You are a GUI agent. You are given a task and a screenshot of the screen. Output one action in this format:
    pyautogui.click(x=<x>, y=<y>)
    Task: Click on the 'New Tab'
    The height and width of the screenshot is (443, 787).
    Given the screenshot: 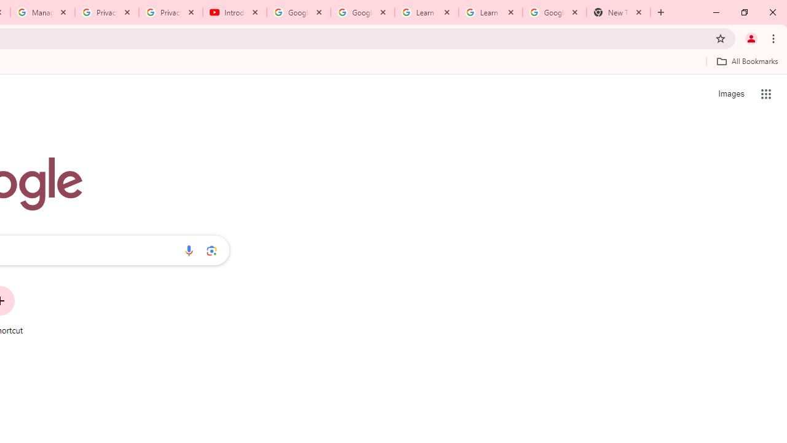 What is the action you would take?
    pyautogui.click(x=619, y=12)
    